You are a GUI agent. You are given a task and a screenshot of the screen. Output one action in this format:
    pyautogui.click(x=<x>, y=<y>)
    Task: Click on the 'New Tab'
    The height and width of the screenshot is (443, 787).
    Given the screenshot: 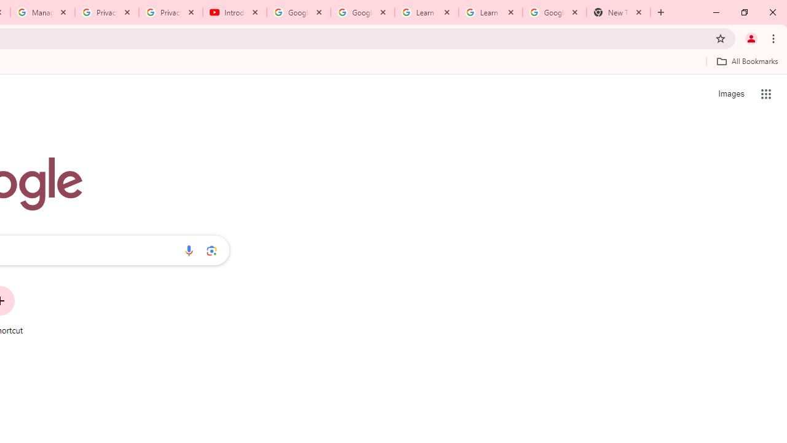 What is the action you would take?
    pyautogui.click(x=619, y=12)
    